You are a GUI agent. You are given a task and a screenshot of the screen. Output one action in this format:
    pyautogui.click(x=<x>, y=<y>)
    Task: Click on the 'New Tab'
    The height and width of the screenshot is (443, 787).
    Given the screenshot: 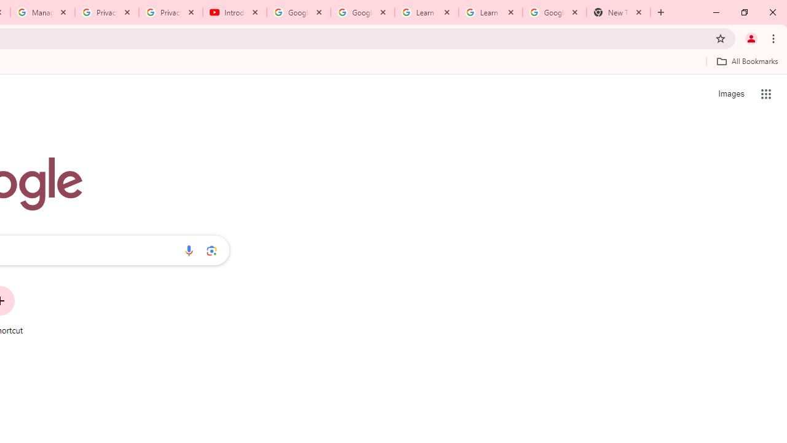 What is the action you would take?
    pyautogui.click(x=619, y=12)
    